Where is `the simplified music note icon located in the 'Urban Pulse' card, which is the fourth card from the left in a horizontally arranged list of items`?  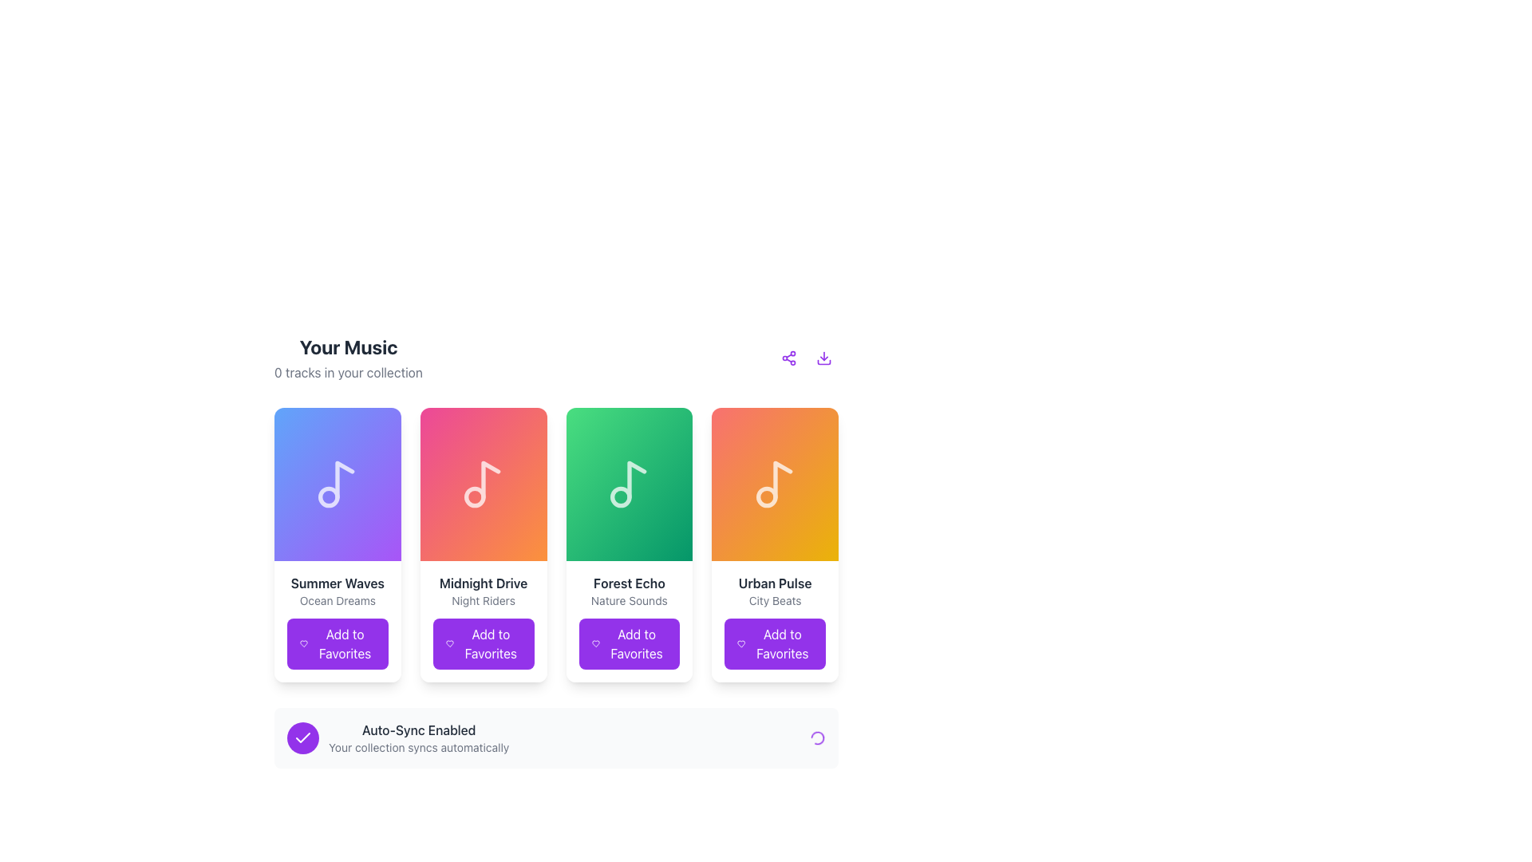
the simplified music note icon located in the 'Urban Pulse' card, which is the fourth card from the left in a horizontally arranged list of items is located at coordinates (782, 479).